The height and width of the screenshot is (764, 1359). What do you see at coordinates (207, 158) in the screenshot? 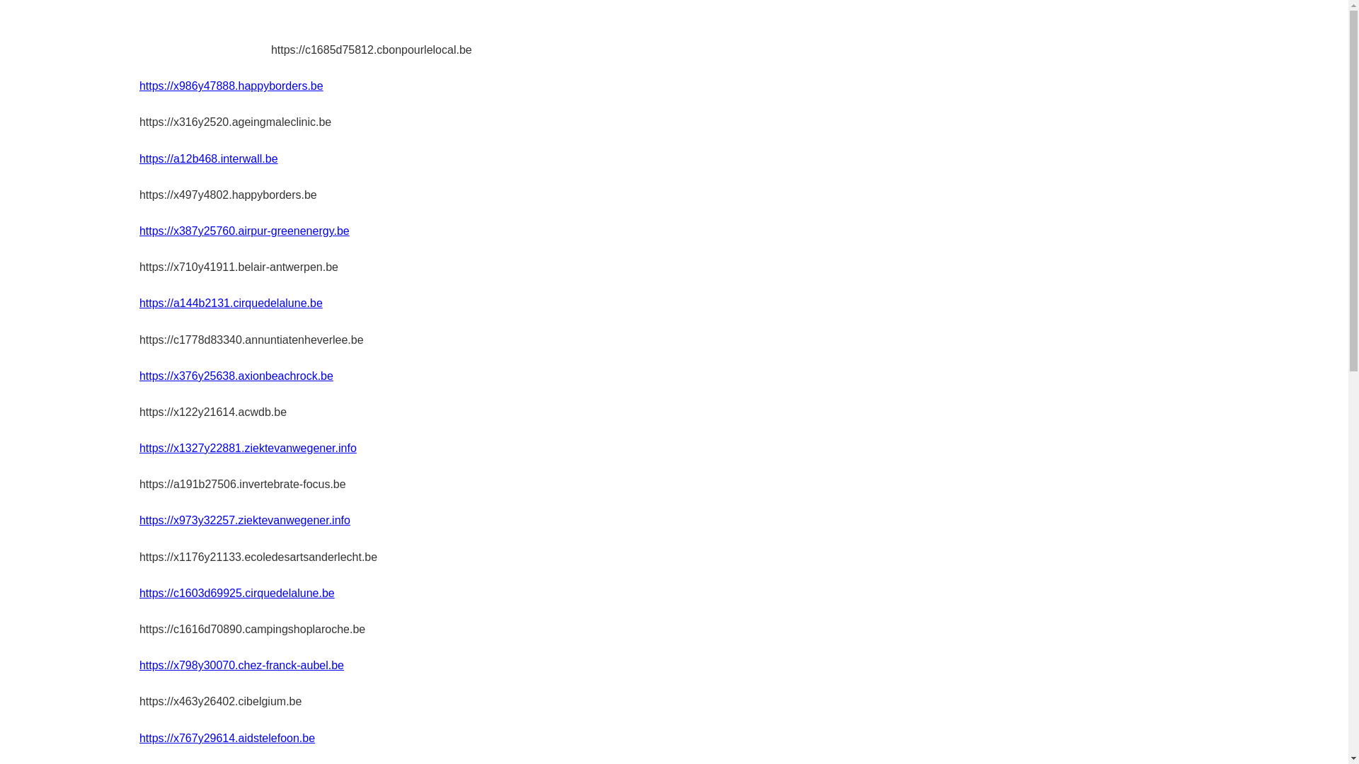
I see `'https://a12b468.interwall.be'` at bounding box center [207, 158].